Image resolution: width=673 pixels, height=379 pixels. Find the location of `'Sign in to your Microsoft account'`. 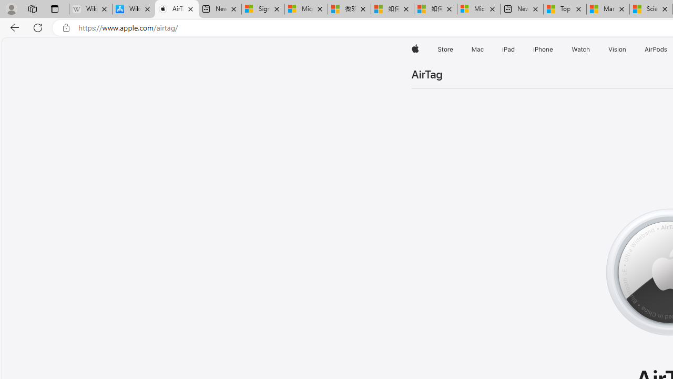

'Sign in to your Microsoft account' is located at coordinates (263, 9).